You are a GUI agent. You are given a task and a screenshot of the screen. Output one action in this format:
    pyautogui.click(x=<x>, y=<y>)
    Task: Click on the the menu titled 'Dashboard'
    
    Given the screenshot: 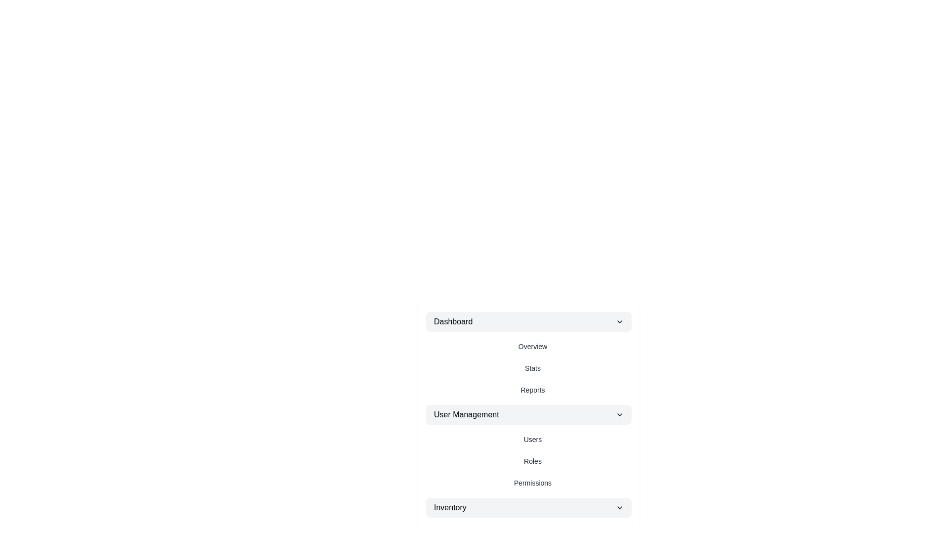 What is the action you would take?
    pyautogui.click(x=528, y=322)
    